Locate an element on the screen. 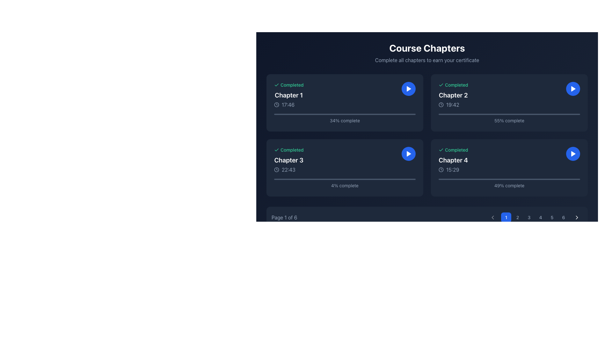 This screenshot has height=344, width=612. the chapter detail display component that shows 'Chapter 2' with a green 'Completed' label for additional information is located at coordinates (453, 95).